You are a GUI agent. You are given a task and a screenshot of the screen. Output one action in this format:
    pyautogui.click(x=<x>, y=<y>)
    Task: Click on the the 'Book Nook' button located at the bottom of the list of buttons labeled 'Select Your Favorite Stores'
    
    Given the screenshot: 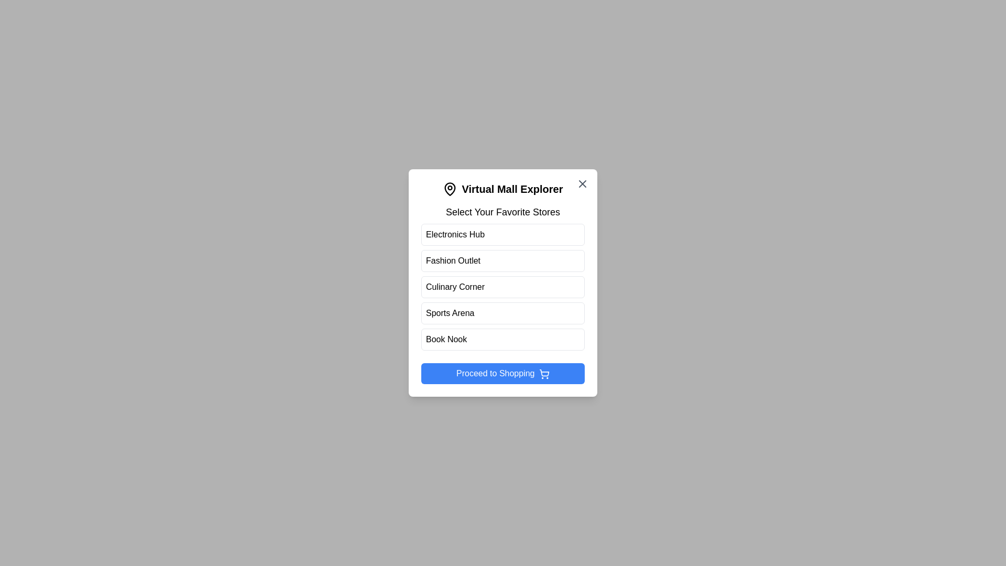 What is the action you would take?
    pyautogui.click(x=503, y=340)
    